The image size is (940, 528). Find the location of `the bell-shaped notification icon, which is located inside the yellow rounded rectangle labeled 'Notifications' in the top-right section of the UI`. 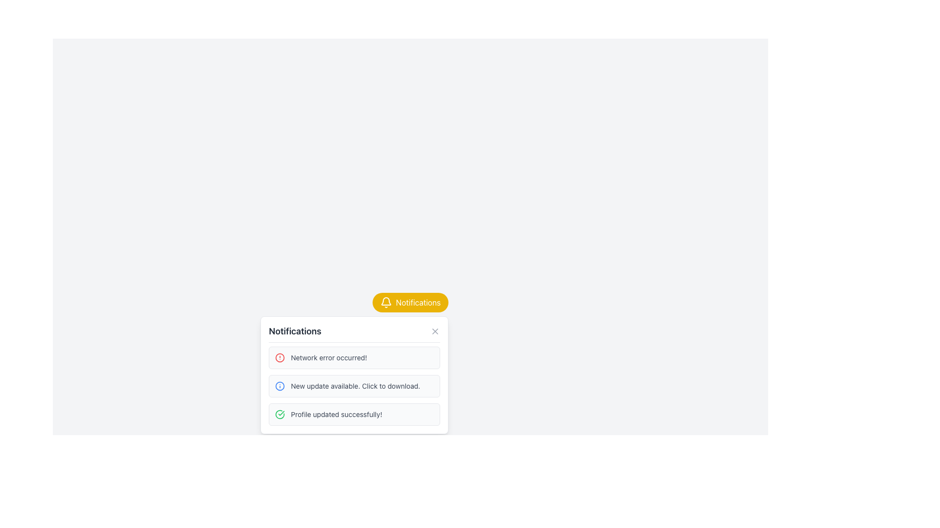

the bell-shaped notification icon, which is located inside the yellow rounded rectangle labeled 'Notifications' in the top-right section of the UI is located at coordinates (385, 302).